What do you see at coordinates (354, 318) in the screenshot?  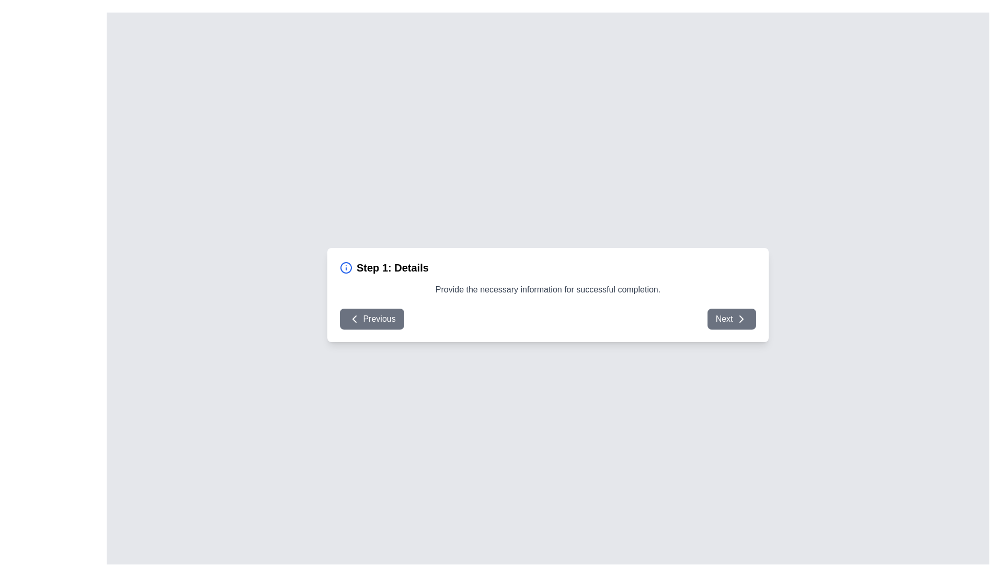 I see `the chevron icon within the 'Previous' button, which indicates a navigational action to move to the previous step or page` at bounding box center [354, 318].